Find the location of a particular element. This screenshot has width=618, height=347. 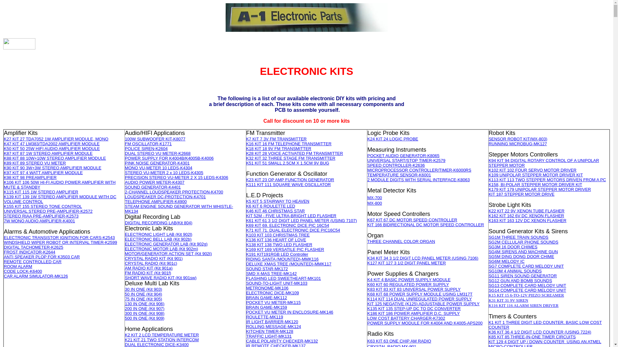

'TEMPERATURE SENSOR-K6001' is located at coordinates (398, 175).